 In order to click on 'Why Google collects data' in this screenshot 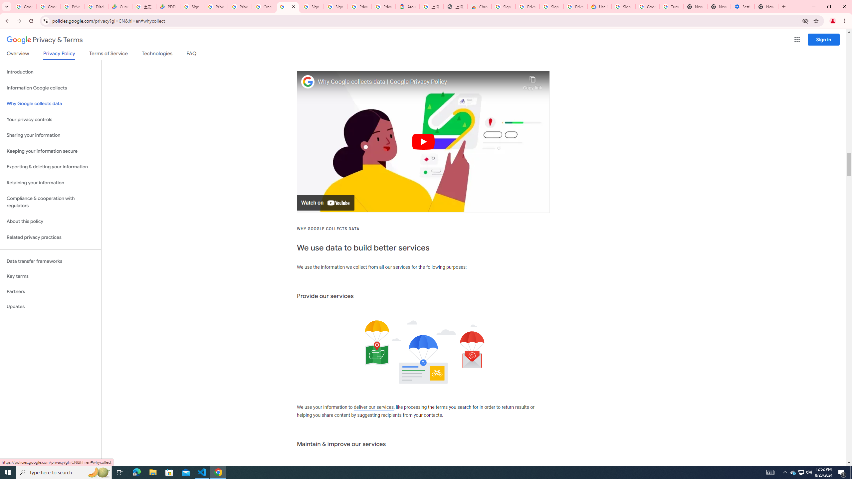, I will do `click(50, 103)`.